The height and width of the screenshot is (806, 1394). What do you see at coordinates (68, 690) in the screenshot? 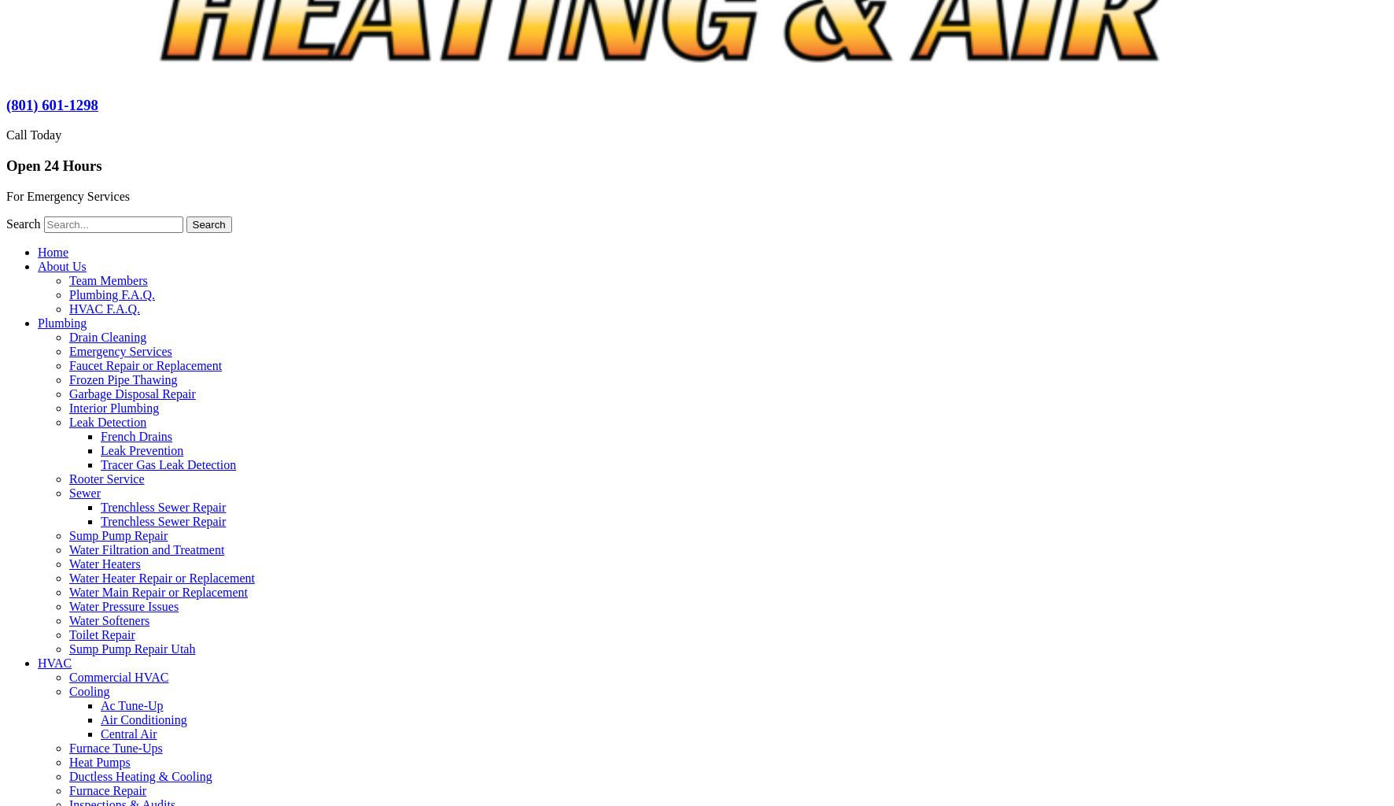
I see `'Cooling'` at bounding box center [68, 690].